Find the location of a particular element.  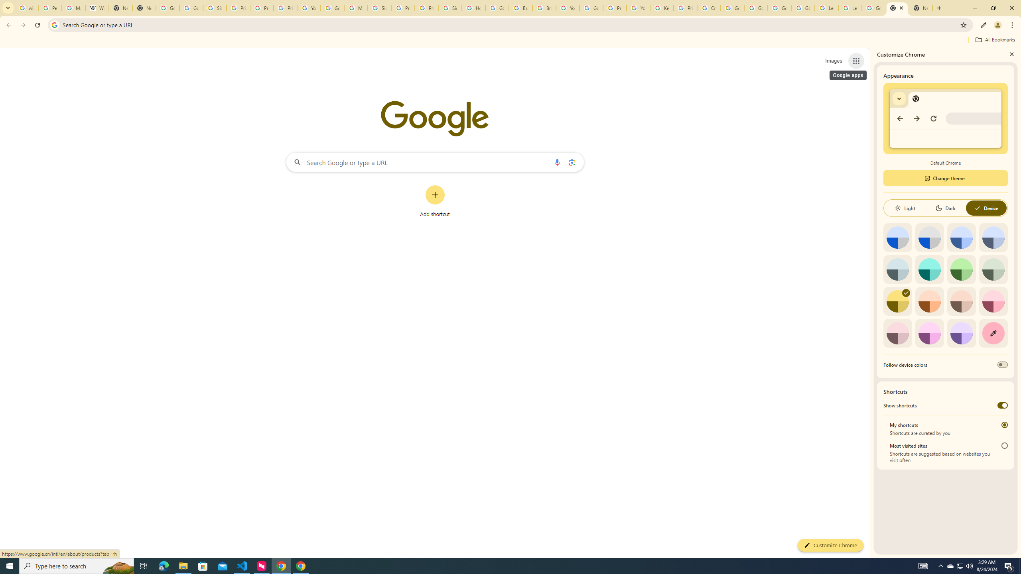

'My shortcuts' is located at coordinates (1005, 425).